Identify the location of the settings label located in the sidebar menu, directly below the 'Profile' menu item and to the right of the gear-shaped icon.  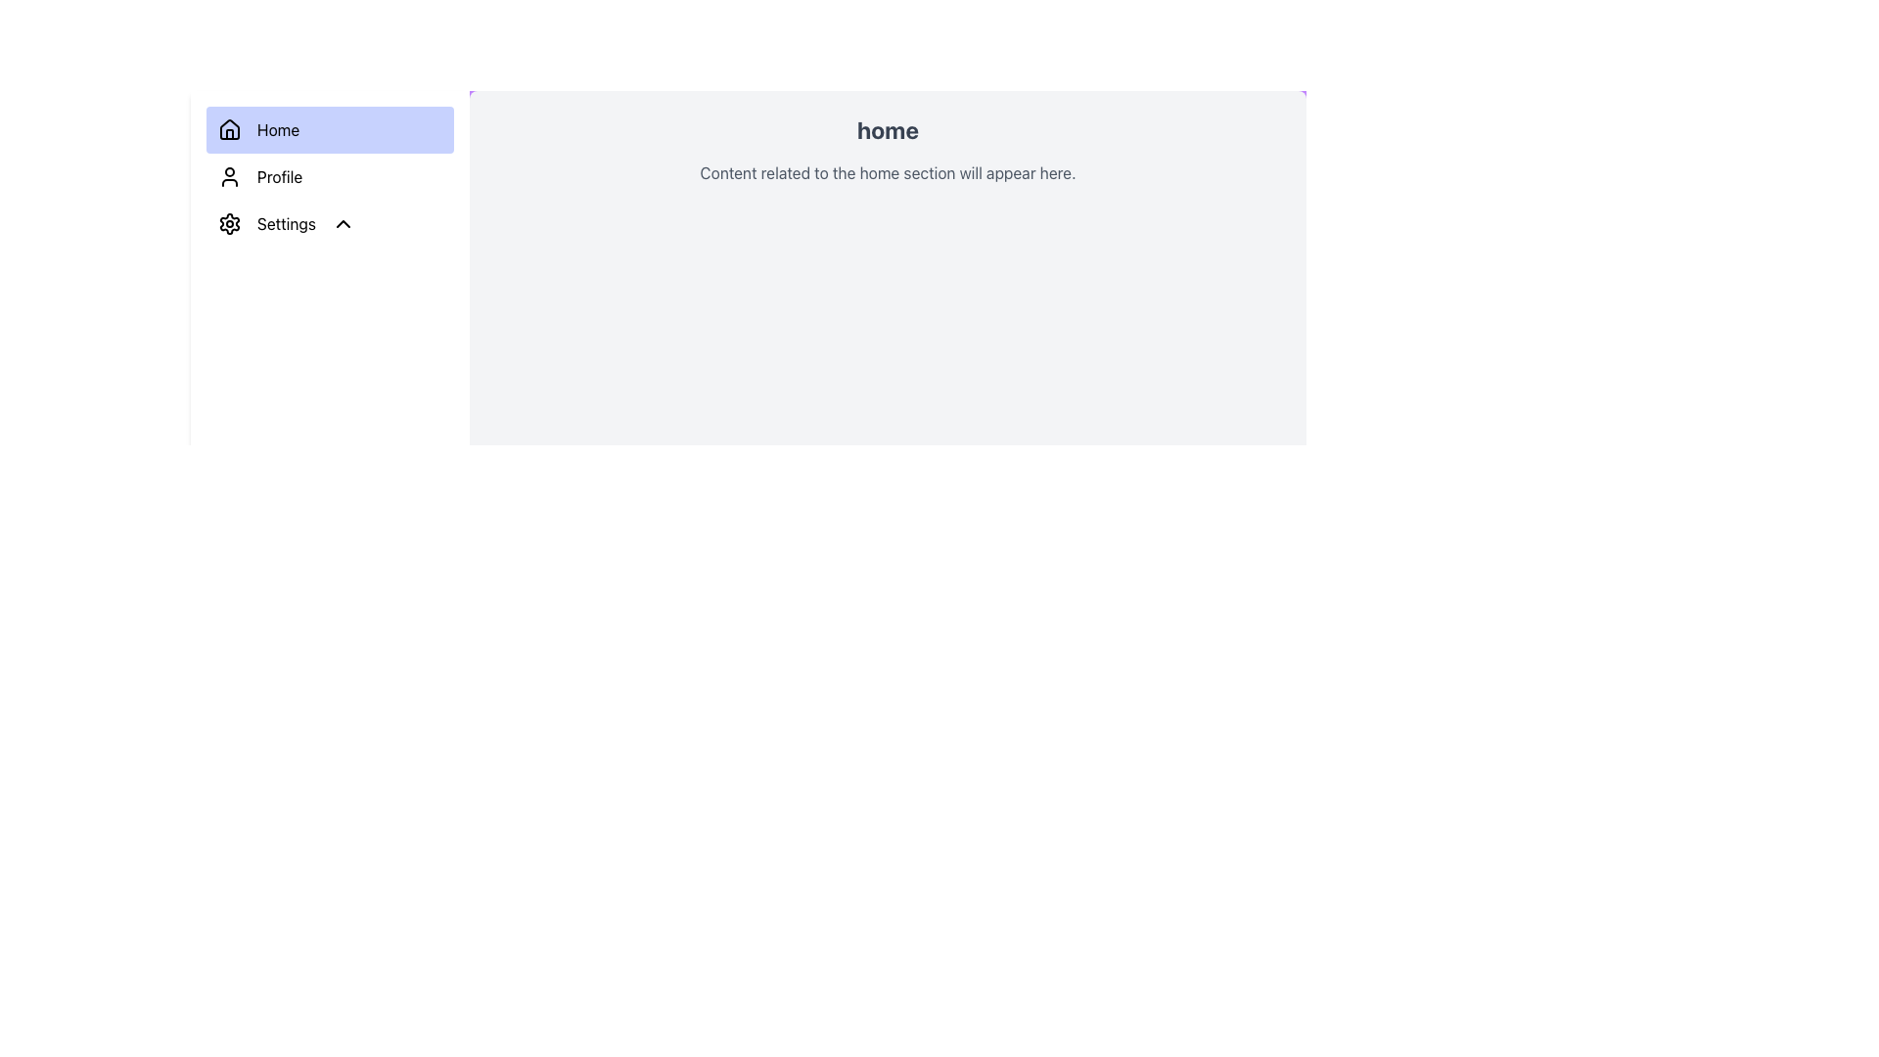
(285, 222).